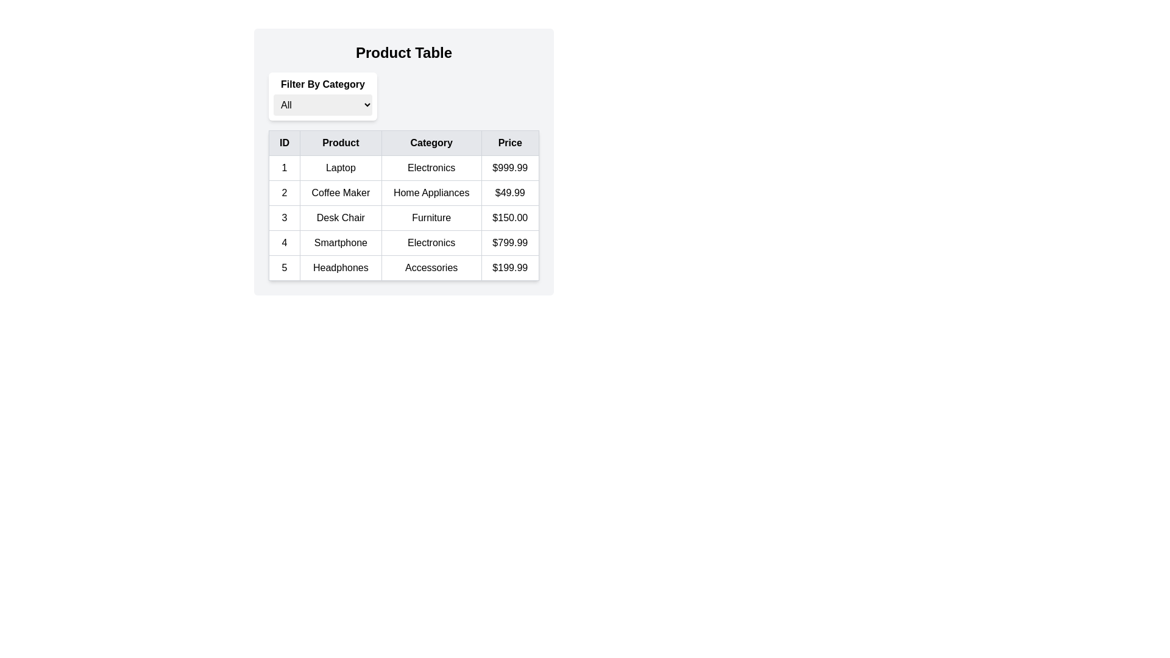 The image size is (1170, 658). What do you see at coordinates (341, 168) in the screenshot?
I see `the text label displaying the word 'Laptop' which is styled with a bordered box and located in the second column of the first row in the tabular layout` at bounding box center [341, 168].